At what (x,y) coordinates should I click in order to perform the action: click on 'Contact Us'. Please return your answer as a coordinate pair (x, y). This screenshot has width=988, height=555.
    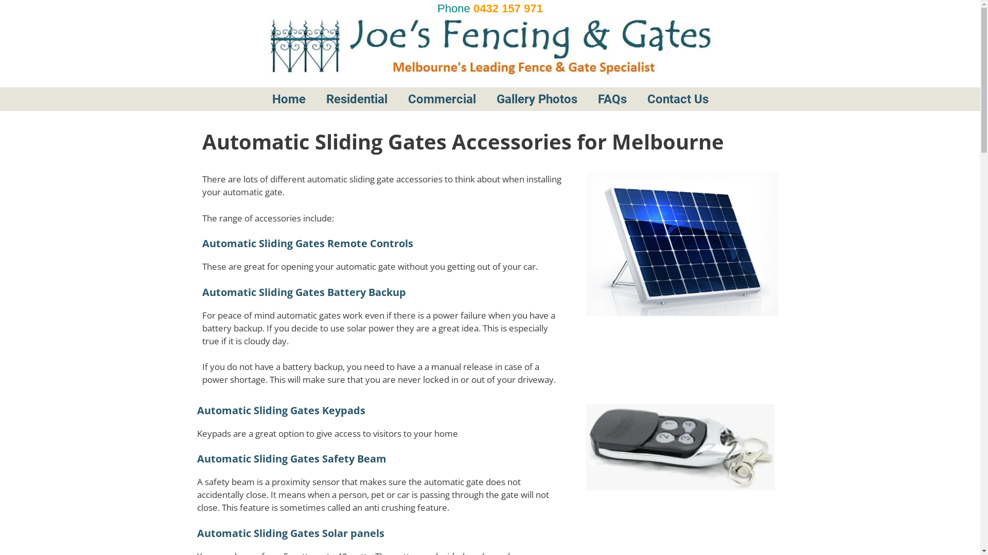
    Looking at the image, I should click on (699, 99).